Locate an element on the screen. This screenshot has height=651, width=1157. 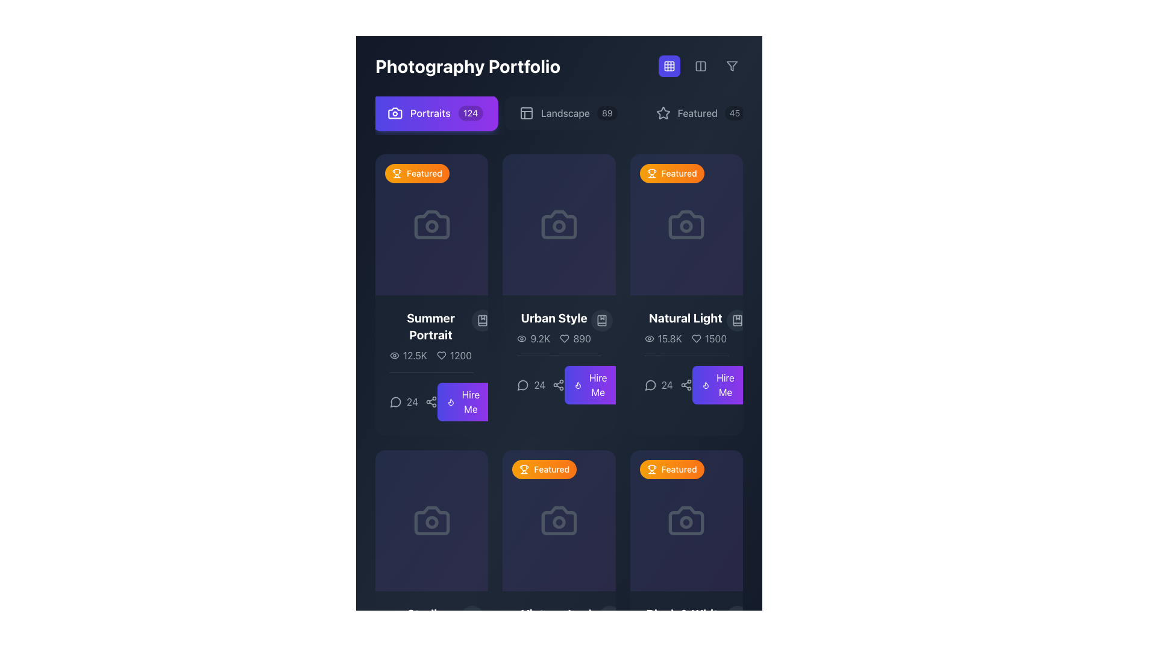
the heart-shaped icon representing the 'like' or 'favorite' functionality, which is positioned to the left of the numeric text '1200' under the title 'Summer Portrait' is located at coordinates (441, 355).